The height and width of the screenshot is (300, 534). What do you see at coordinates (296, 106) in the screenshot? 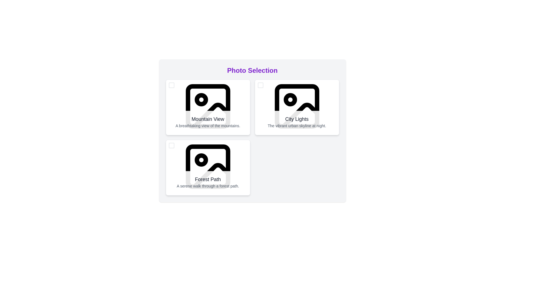
I see `the 'City Lights' selectable card` at bounding box center [296, 106].